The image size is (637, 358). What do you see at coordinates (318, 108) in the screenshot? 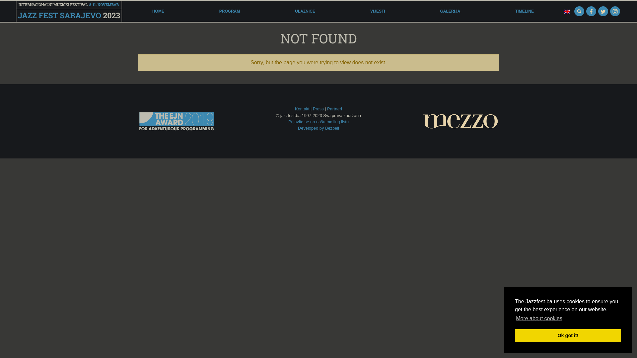
I see `'Press'` at bounding box center [318, 108].